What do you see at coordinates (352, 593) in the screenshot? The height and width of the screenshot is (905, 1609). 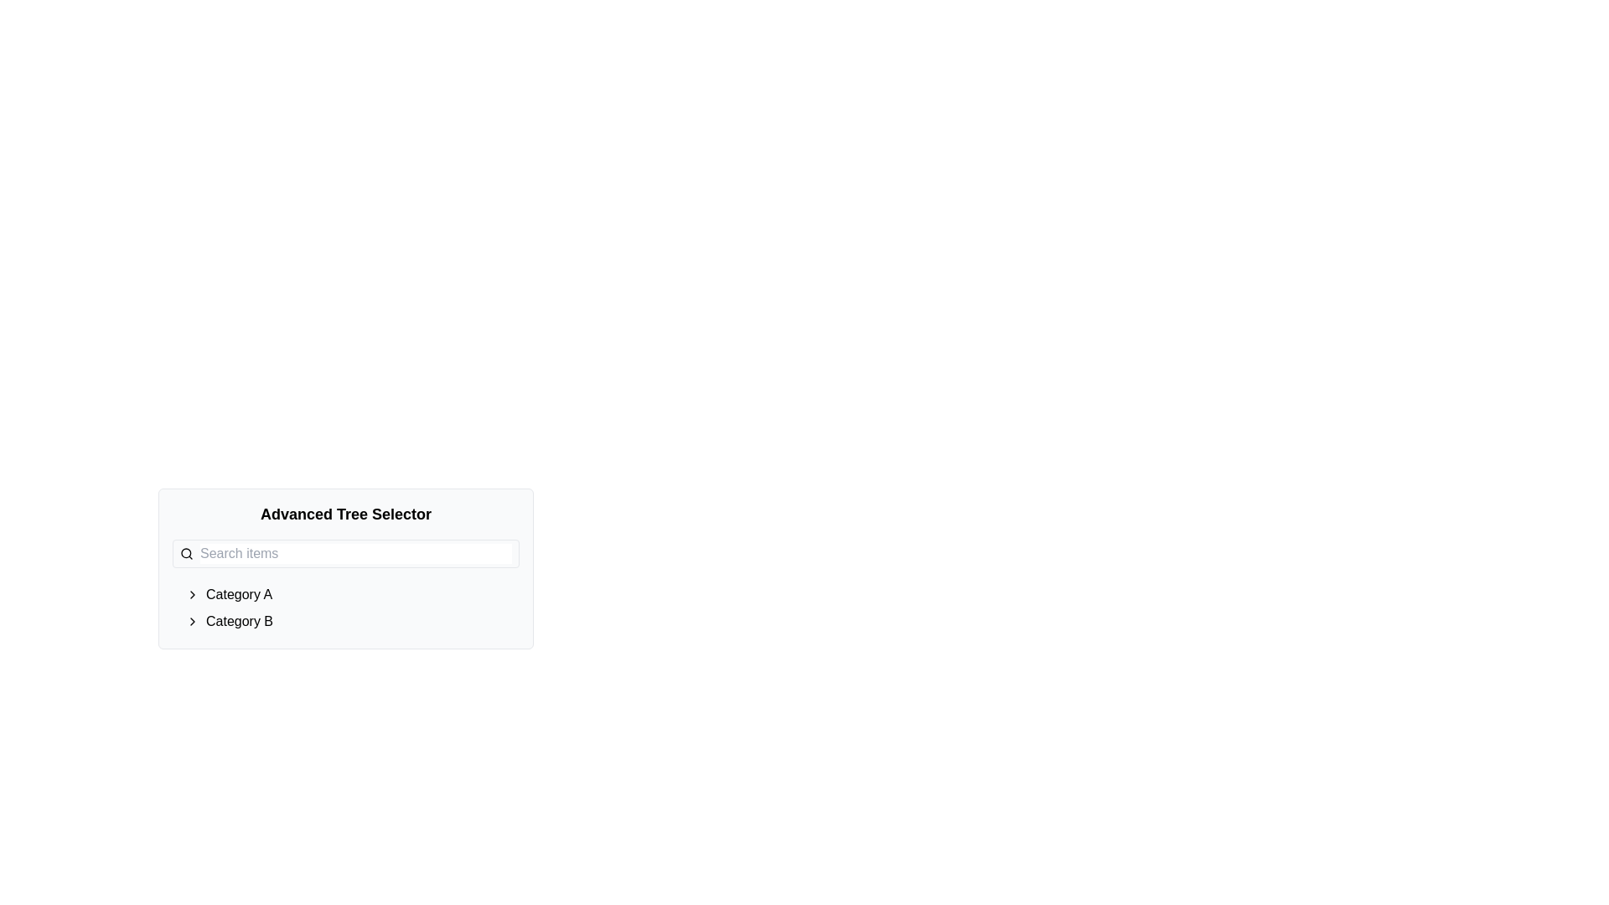 I see `the first item in the Tree-view list representing 'Category A', located just below the search bar` at bounding box center [352, 593].